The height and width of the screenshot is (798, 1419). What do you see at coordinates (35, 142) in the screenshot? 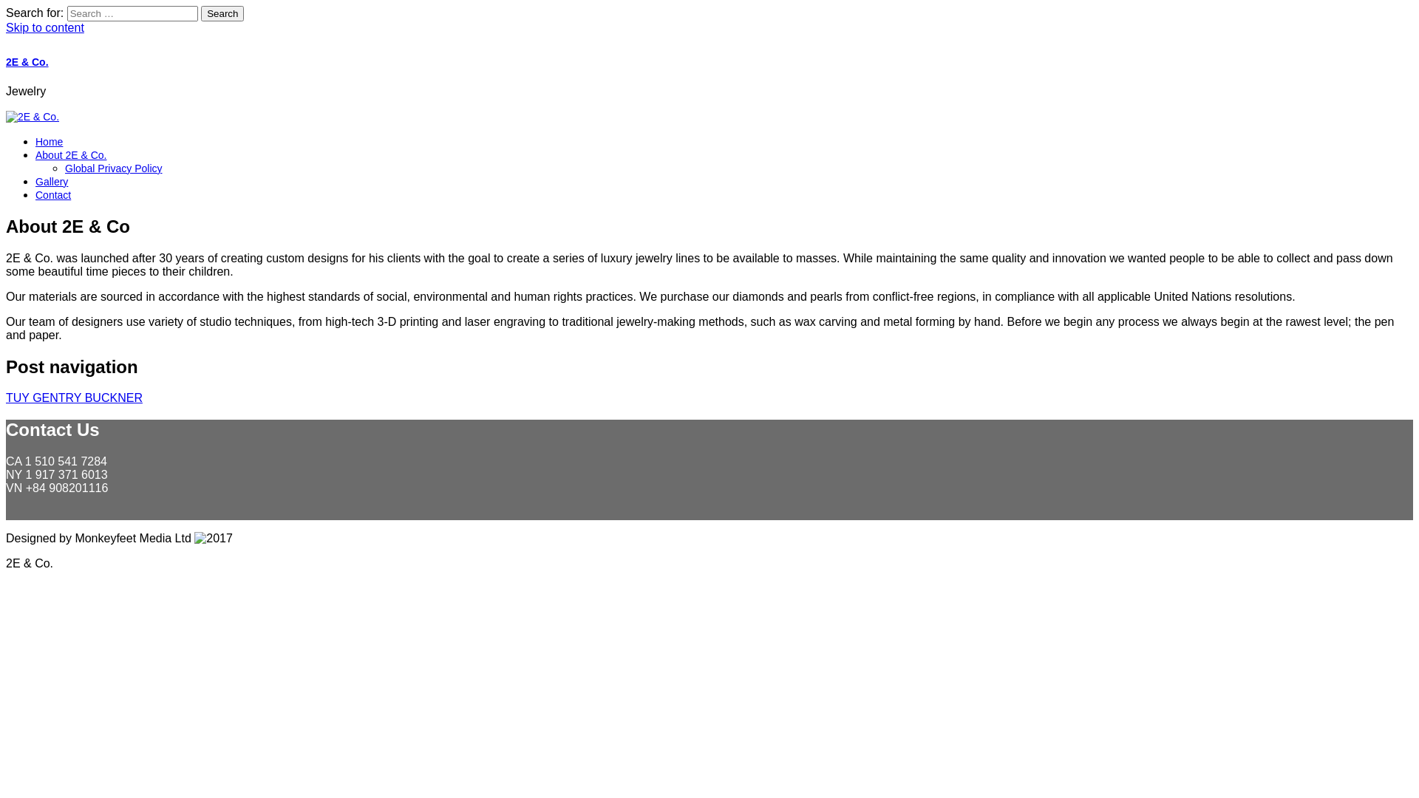
I see `'Home'` at bounding box center [35, 142].